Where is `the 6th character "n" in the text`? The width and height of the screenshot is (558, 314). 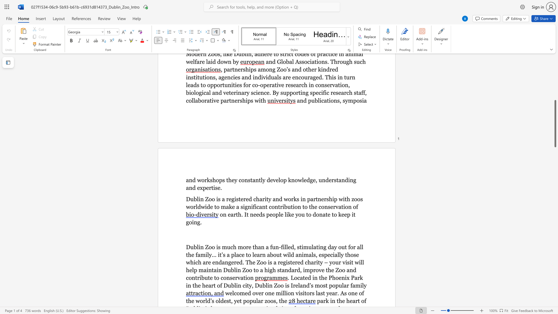 the 6th character "n" in the text is located at coordinates (263, 206).